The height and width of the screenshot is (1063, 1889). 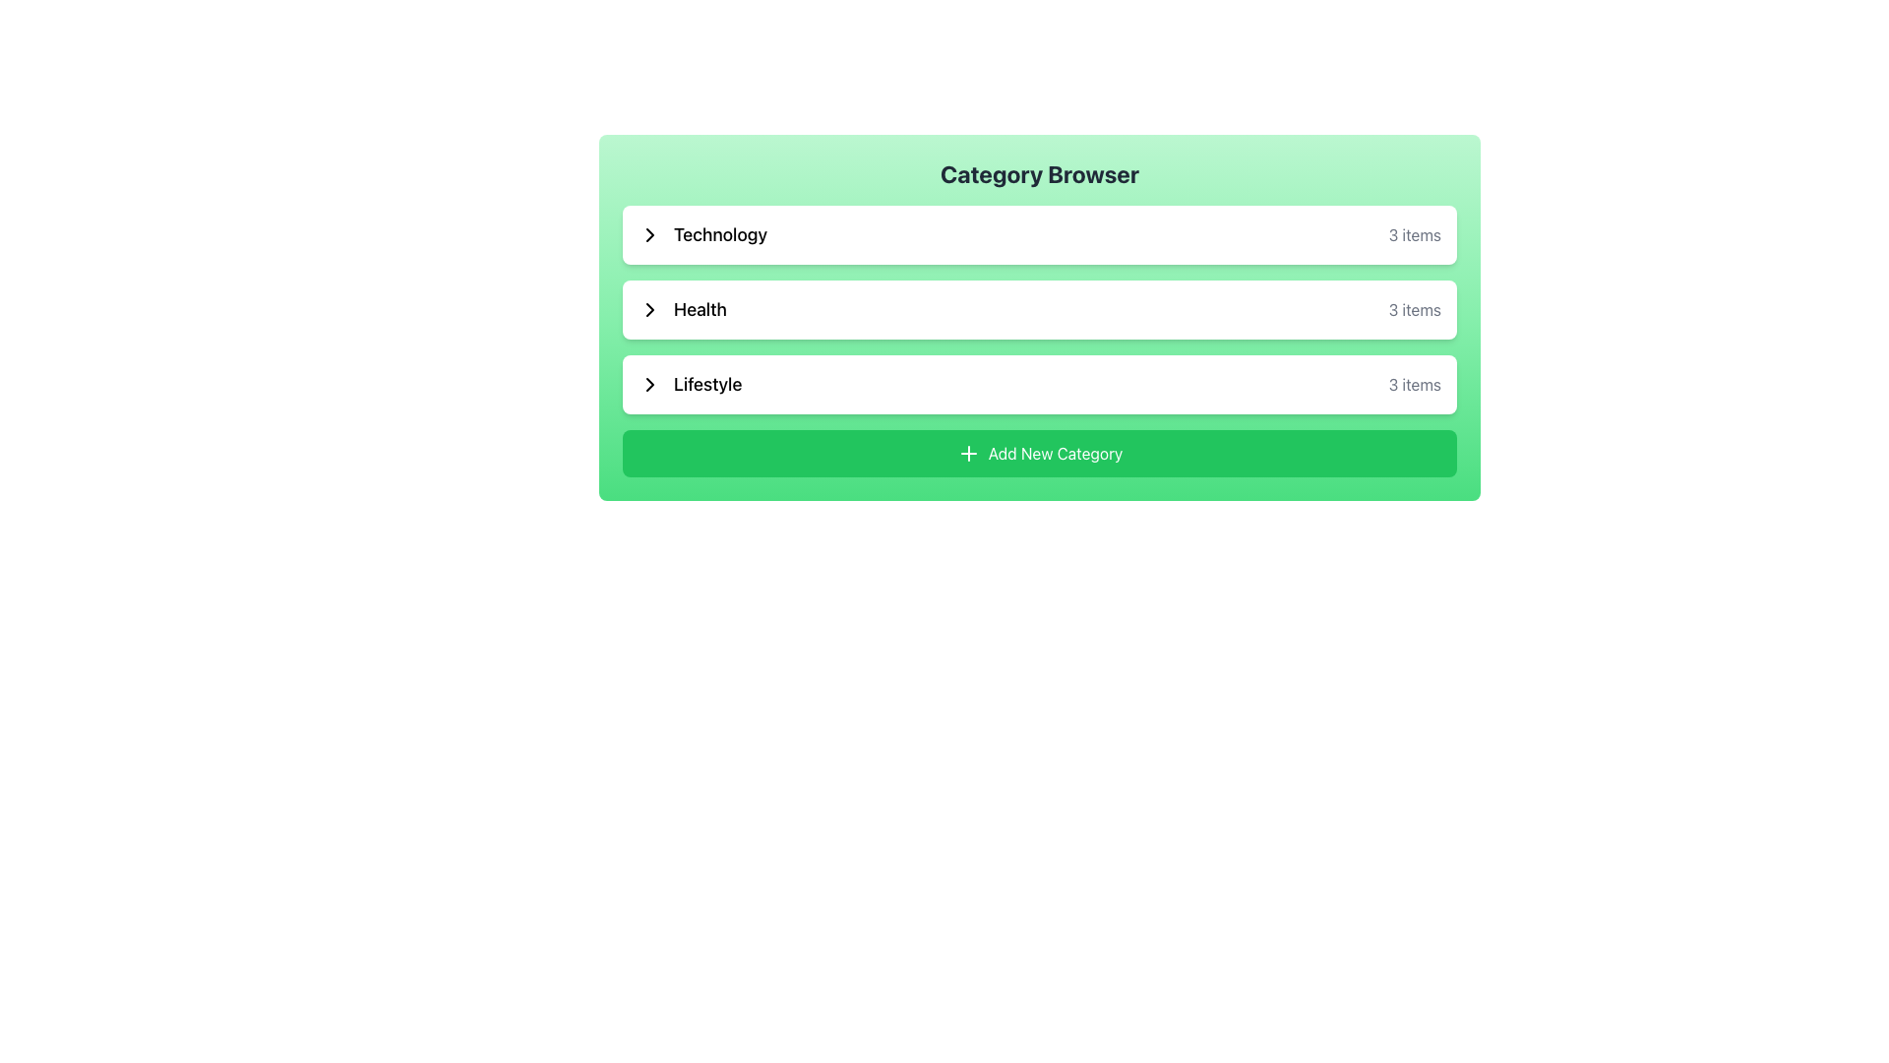 What do you see at coordinates (707, 384) in the screenshot?
I see `the 'Lifestyle' category label in the category browser` at bounding box center [707, 384].